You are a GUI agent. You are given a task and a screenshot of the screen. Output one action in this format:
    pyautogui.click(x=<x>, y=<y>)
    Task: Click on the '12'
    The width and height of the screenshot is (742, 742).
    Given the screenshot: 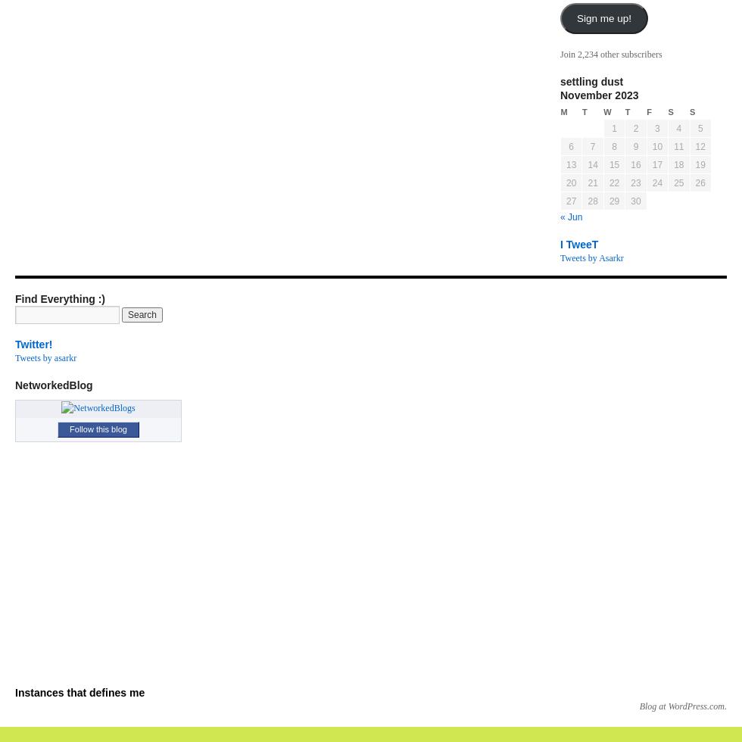 What is the action you would take?
    pyautogui.click(x=700, y=147)
    